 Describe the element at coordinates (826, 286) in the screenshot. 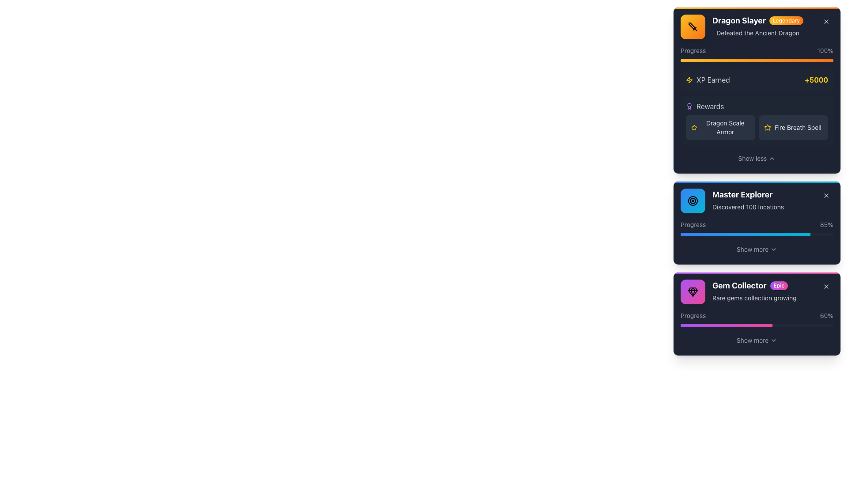

I see `the close button located at the top right corner of the 'Gem Collector' feature card` at that location.